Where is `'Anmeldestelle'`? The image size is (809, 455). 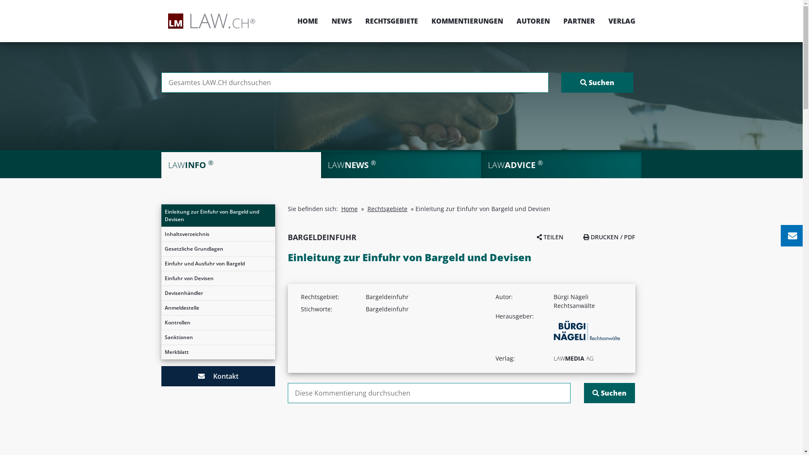 'Anmeldestelle' is located at coordinates (218, 308).